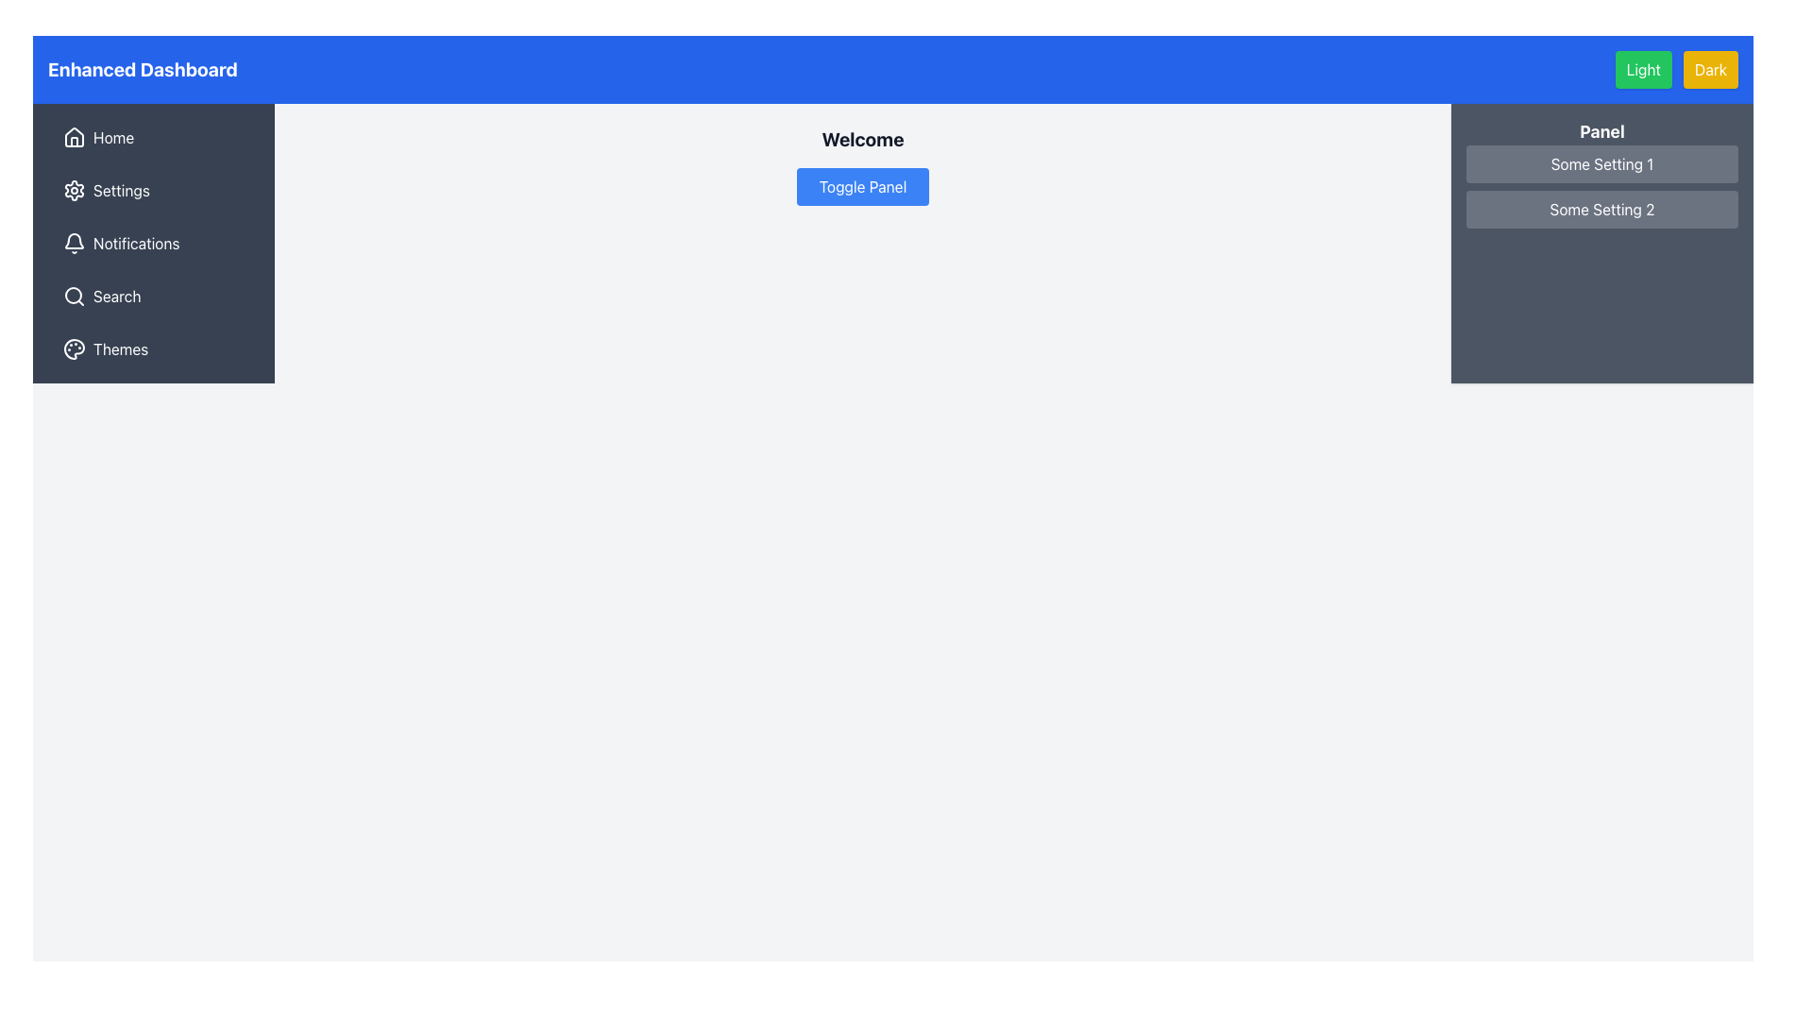 The image size is (1813, 1020). What do you see at coordinates (861, 186) in the screenshot?
I see `the blue 'Toggle Panel' button with white text, which is located beneath the 'Welcome' title` at bounding box center [861, 186].